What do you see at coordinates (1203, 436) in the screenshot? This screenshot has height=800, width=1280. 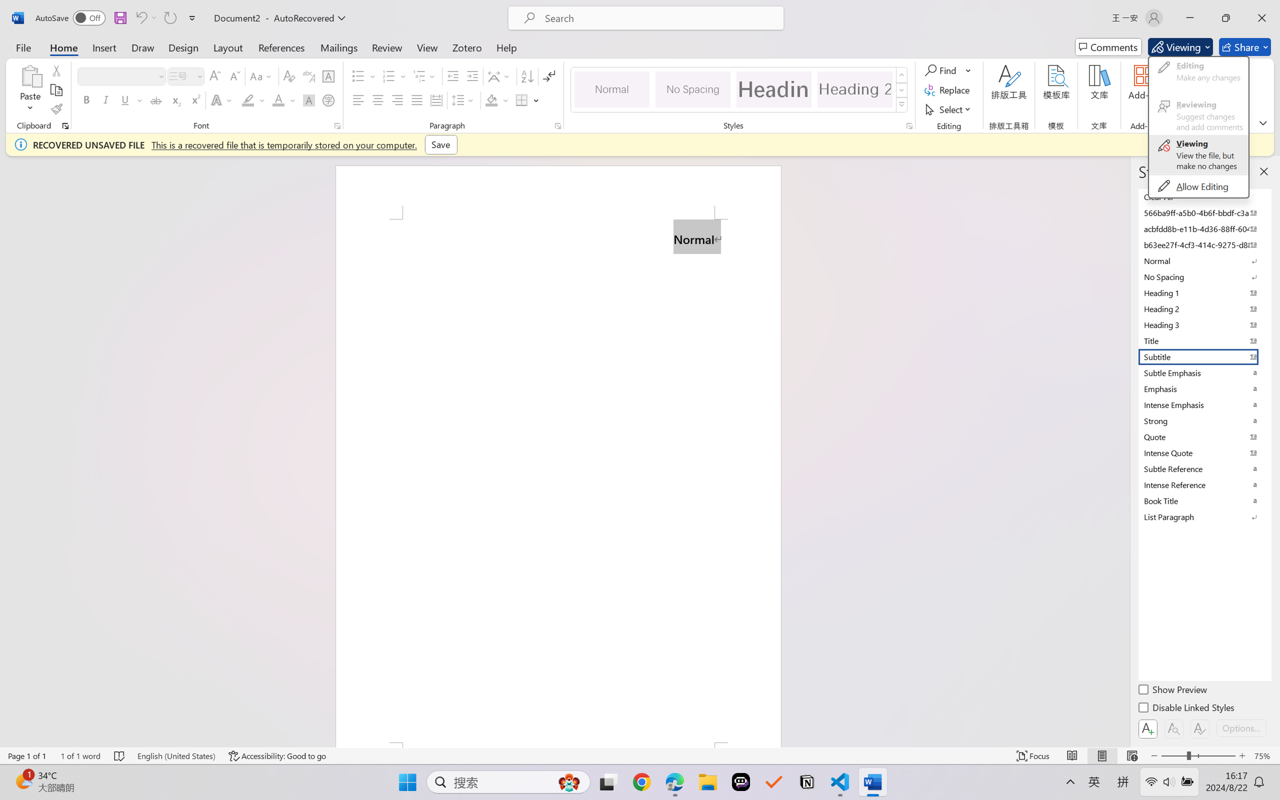 I see `'Quote'` at bounding box center [1203, 436].